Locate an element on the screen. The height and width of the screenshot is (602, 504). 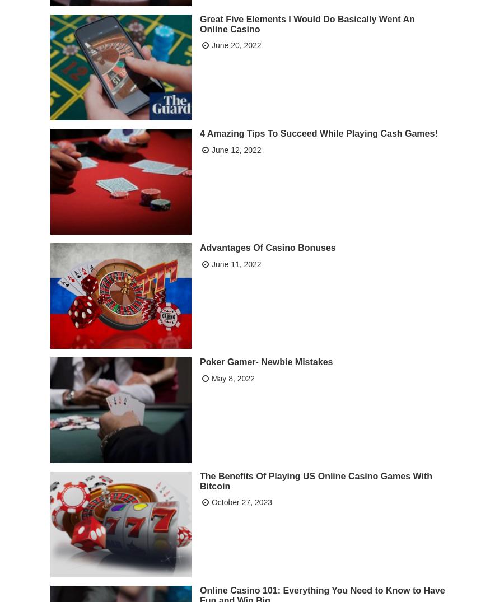
'October 27, 2023' is located at coordinates (241, 501).